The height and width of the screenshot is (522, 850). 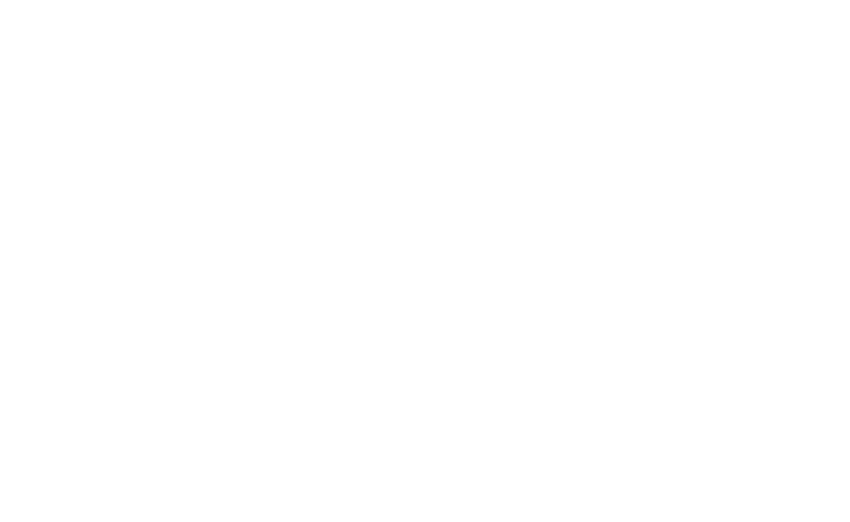 I want to click on 'newyorkrangers.com is the official Web site of the New York Rangers. New York Rangers is a trademark of New York Rangers, LLC. NHL, the NHL Shield, the word mark and image of the Stanley Cup and NHL Conference logos are registered trademarks of the National Hockey League. All NHL logos and marks and NHL team logos and marks as well as all other proprietary materials depicted herein are the property of the NHL and the respective NHL teams and may not be reproduced without the prior written consent of NHL Enterprises, L.P. Copyright © 1999-2023 New York Rangers, LLC and the National Hockey League. All Rights Reserved.', so click(x=142, y=422).